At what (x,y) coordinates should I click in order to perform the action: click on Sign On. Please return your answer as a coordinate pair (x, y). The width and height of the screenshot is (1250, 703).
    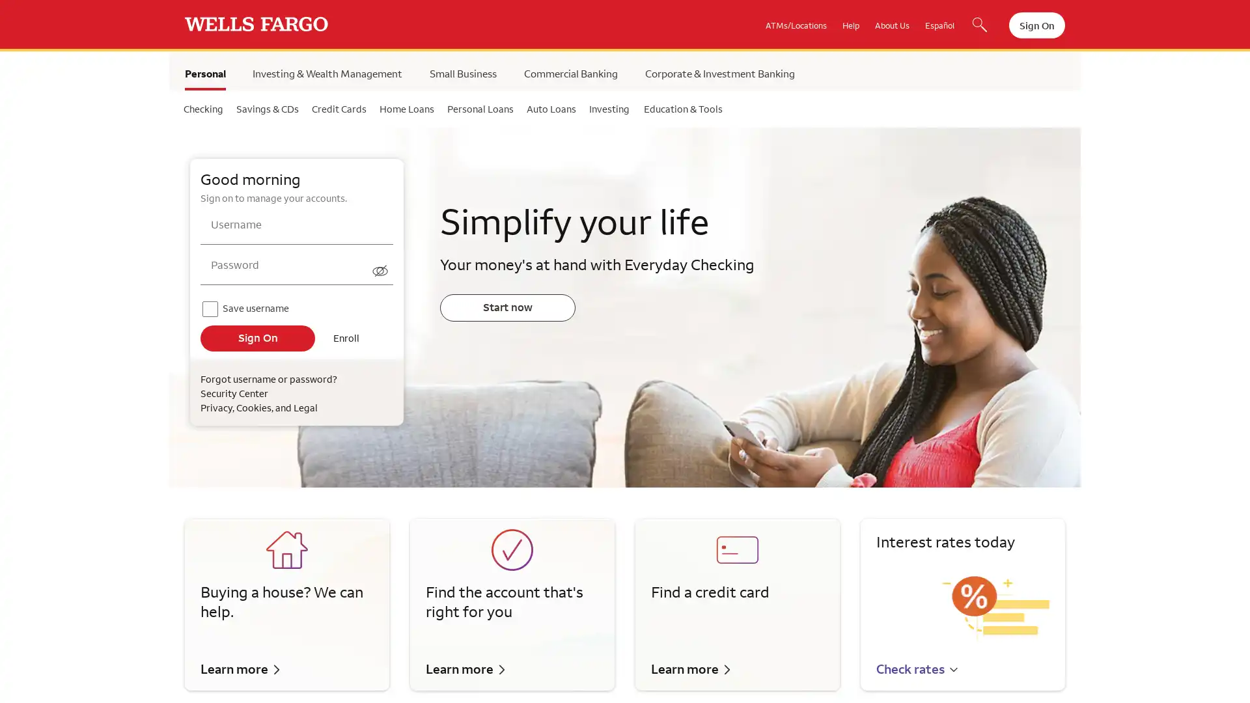
    Looking at the image, I should click on (257, 337).